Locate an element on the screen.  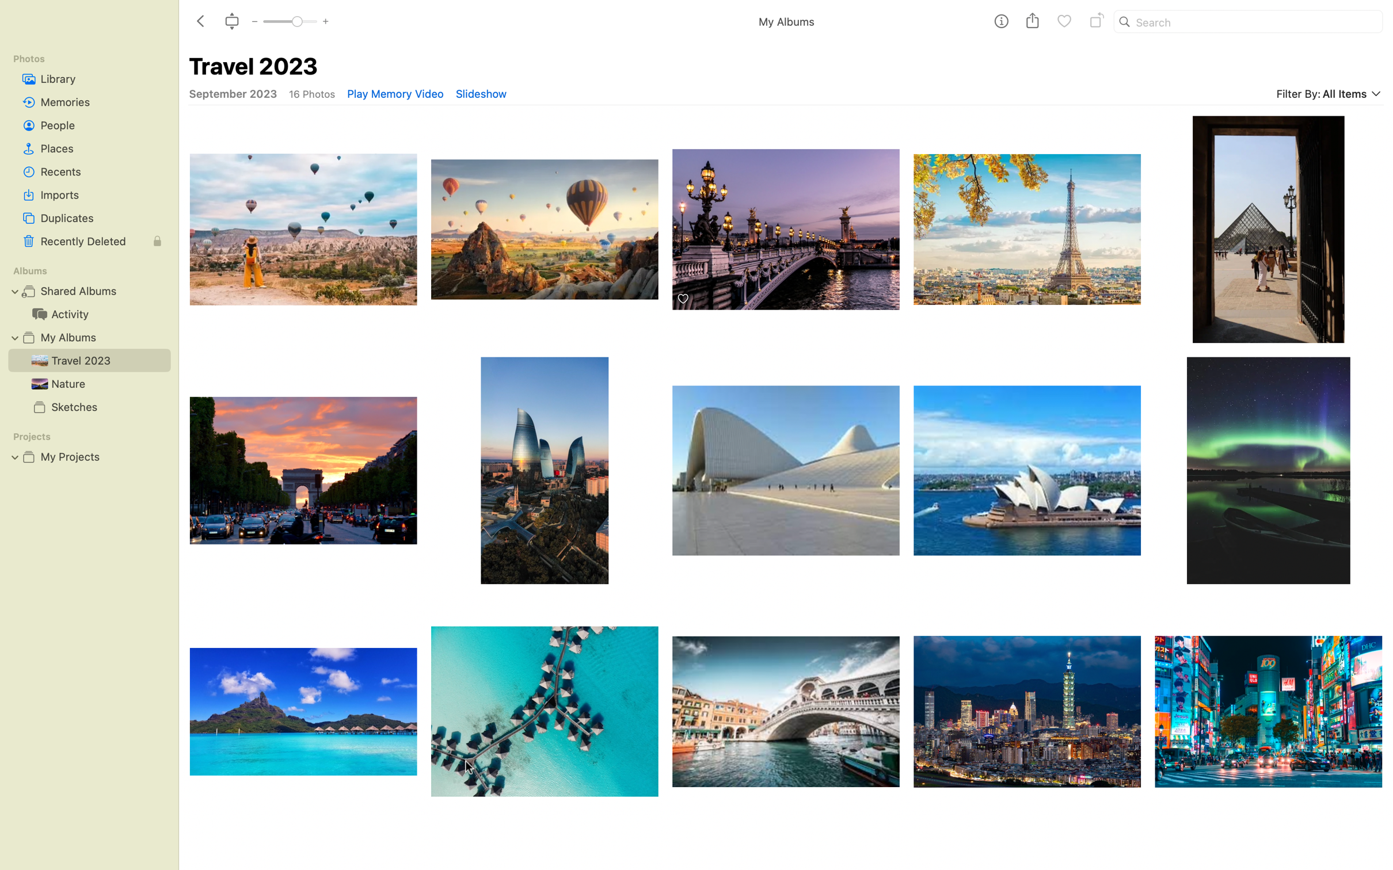
the second photo featuring hot air balloons is located at coordinates (545, 223).